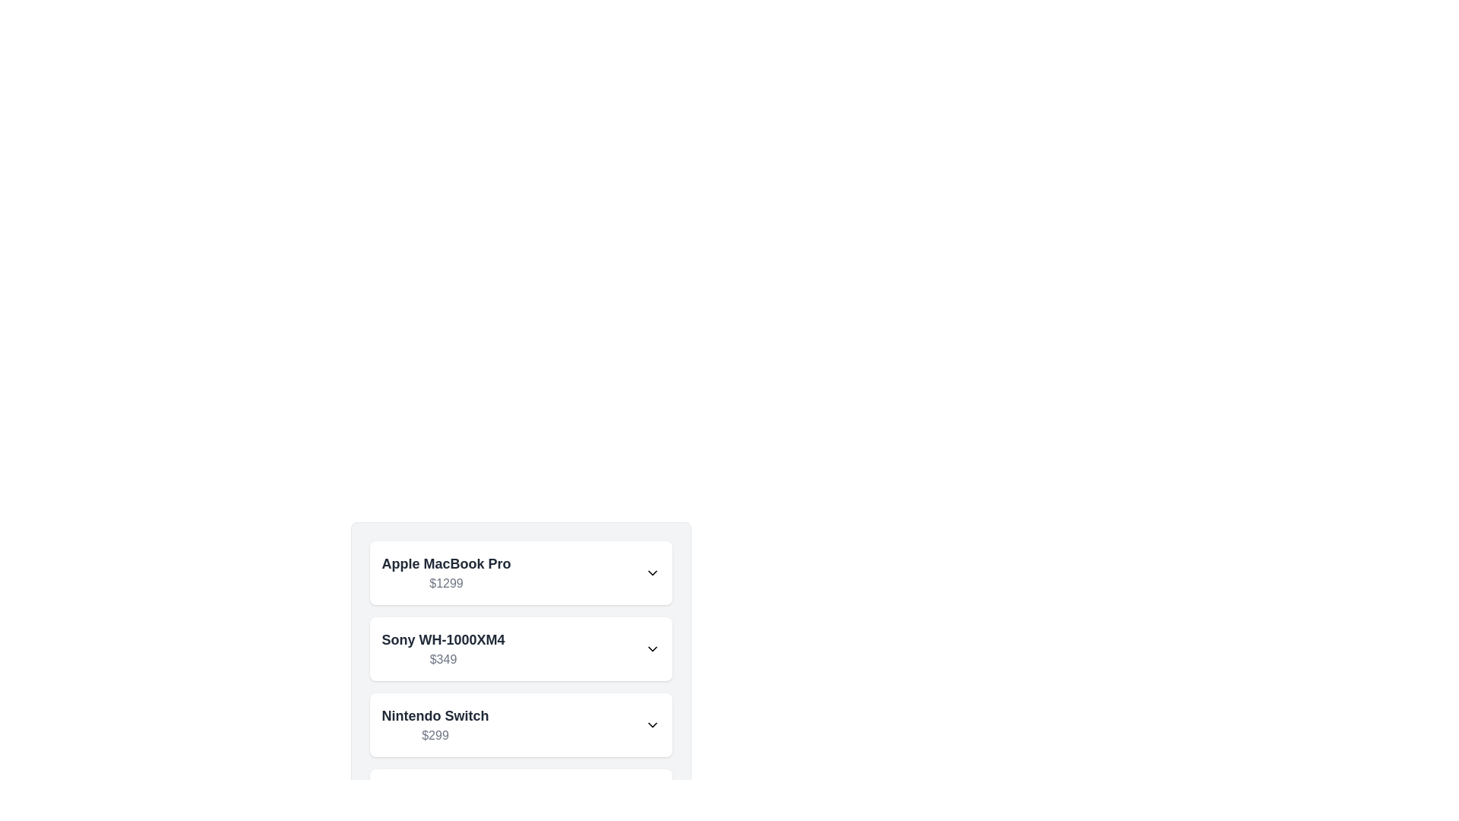 The height and width of the screenshot is (821, 1459). Describe the element at coordinates (652, 724) in the screenshot. I see `the downward-pointing chevron icon button located to the right of the text 'Nintendo Switch $299'` at that location.